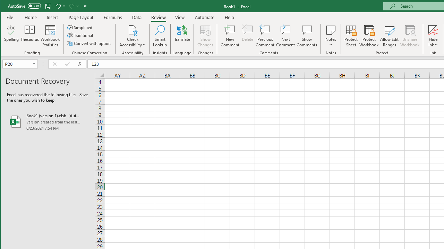  Describe the element at coordinates (205, 36) in the screenshot. I see `'Show Changes'` at that location.